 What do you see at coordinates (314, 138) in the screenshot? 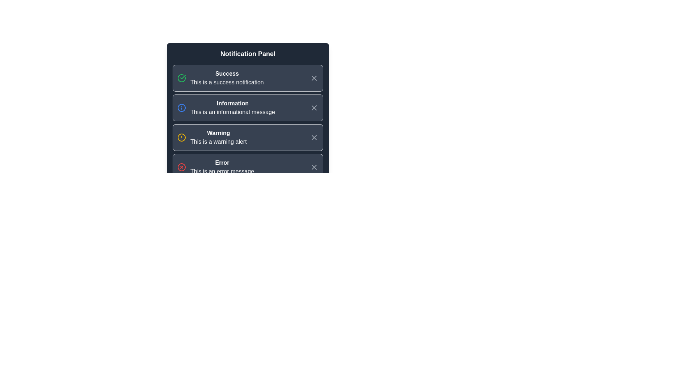
I see `the close button located at the top-right corner of the 'Warning' notification alert` at bounding box center [314, 138].